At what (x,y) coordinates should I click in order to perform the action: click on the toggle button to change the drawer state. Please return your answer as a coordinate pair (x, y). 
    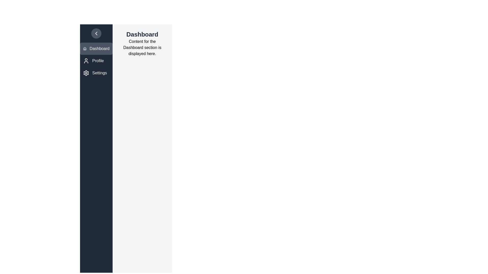
    Looking at the image, I should click on (96, 33).